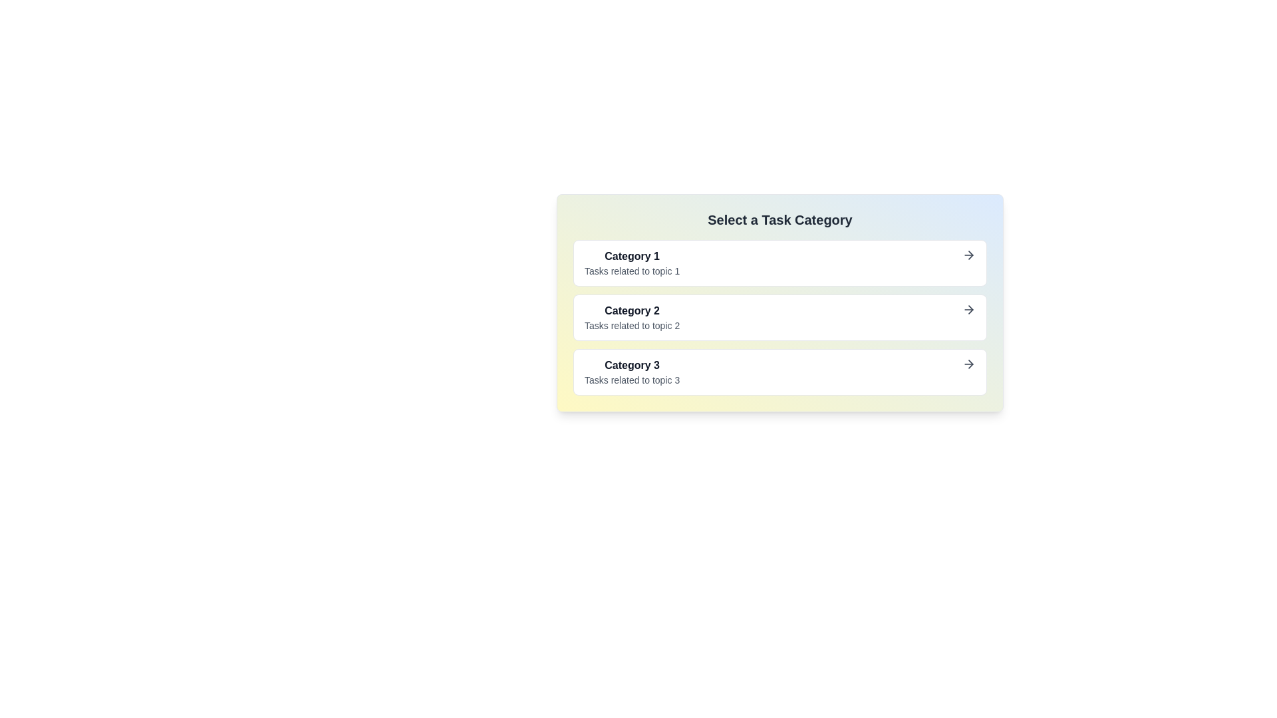 The height and width of the screenshot is (718, 1277). What do you see at coordinates (969, 255) in the screenshot?
I see `the icon located at the far right of the topmost entry labeled 'Category 1'` at bounding box center [969, 255].